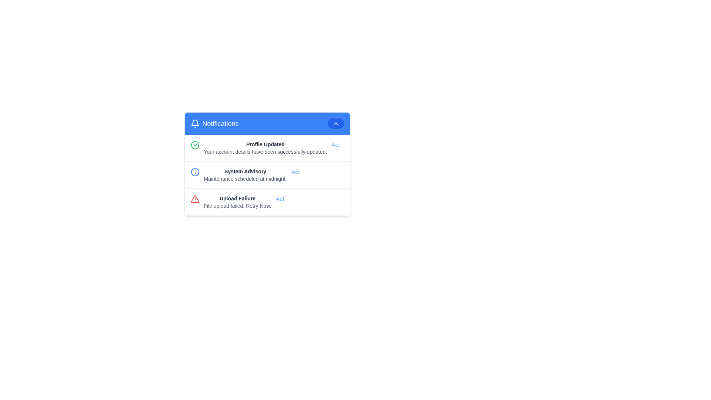 The image size is (711, 400). What do you see at coordinates (195, 172) in the screenshot?
I see `the circular element that serves as a decorative and structural component of the SVG icon located in the top-left corner of the notification card` at bounding box center [195, 172].